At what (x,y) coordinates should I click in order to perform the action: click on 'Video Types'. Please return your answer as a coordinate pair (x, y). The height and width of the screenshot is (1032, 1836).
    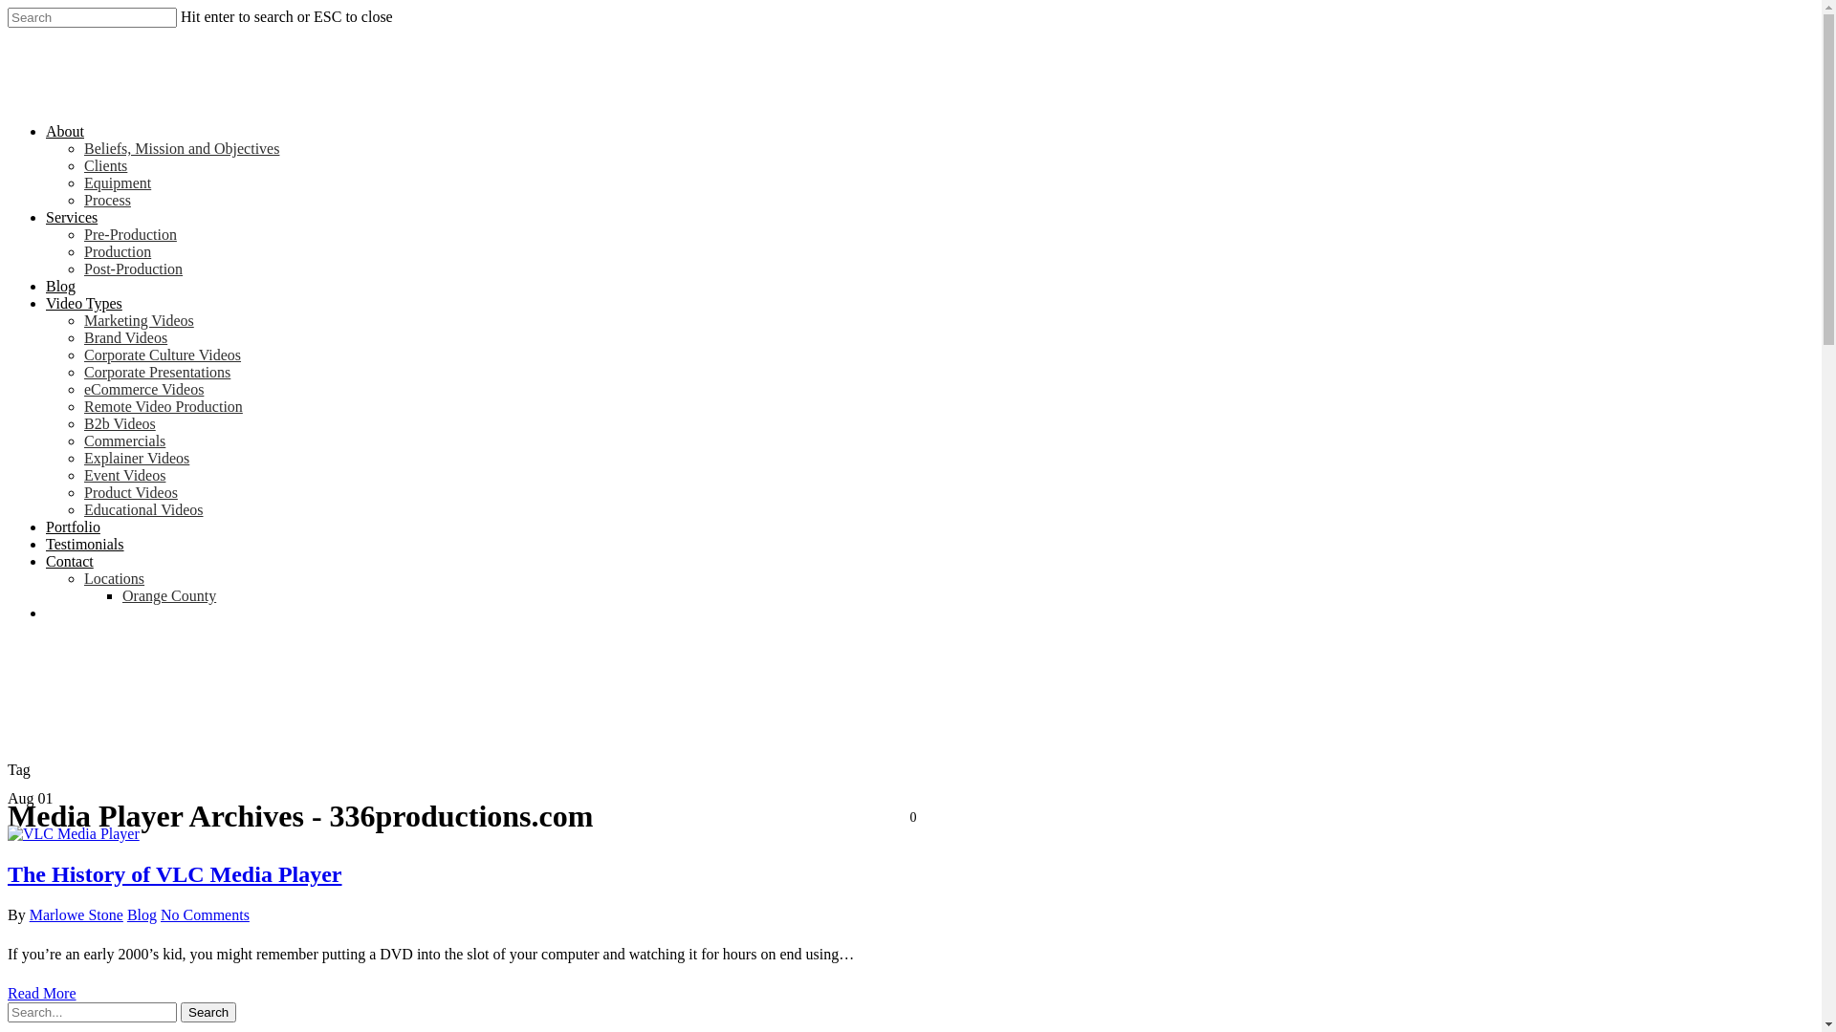
    Looking at the image, I should click on (82, 302).